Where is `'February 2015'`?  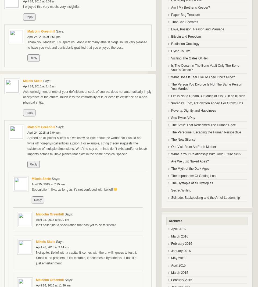
'February 2015' is located at coordinates (171, 280).